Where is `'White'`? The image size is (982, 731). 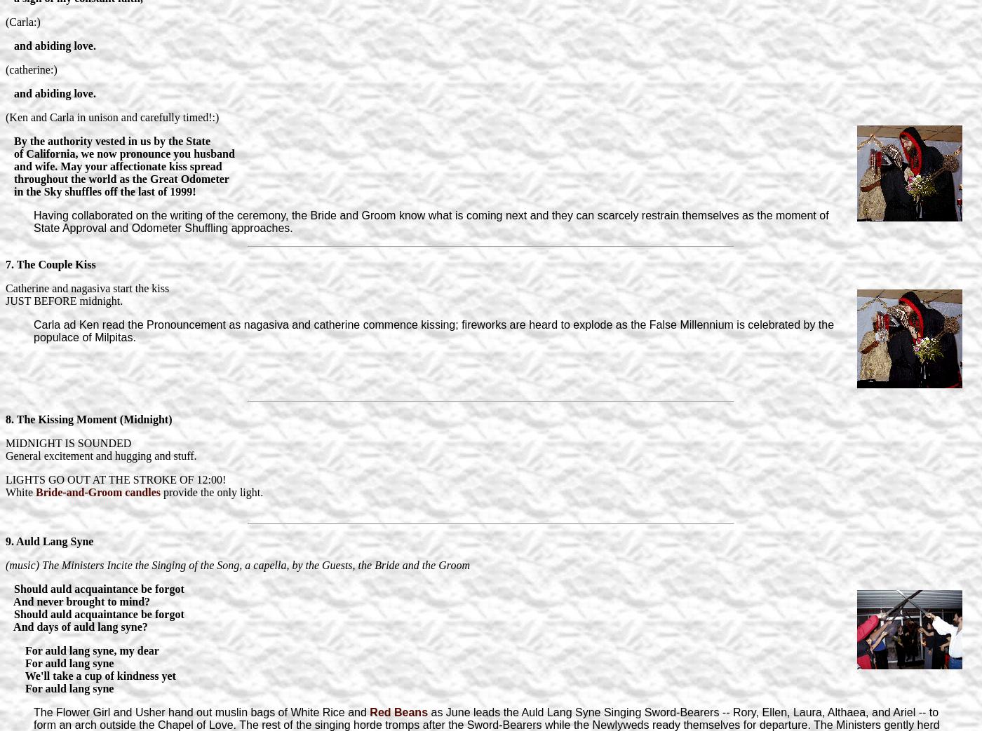 'White' is located at coordinates (20, 491).